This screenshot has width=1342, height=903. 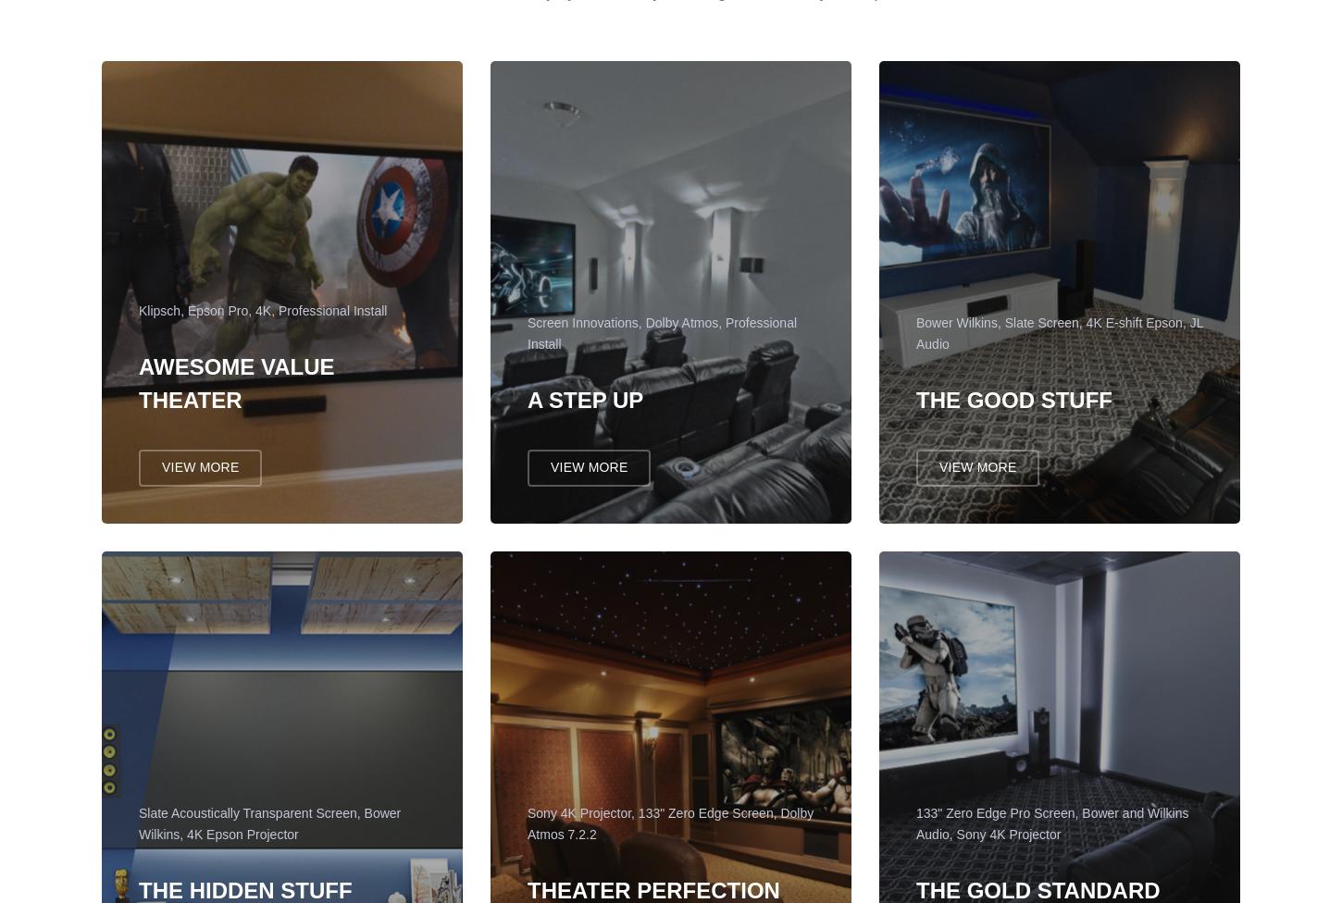 I want to click on '133" Zero Edge Pro Screen, Bower and Wilkins Audio, Sony 4K Projector', so click(x=1050, y=832).